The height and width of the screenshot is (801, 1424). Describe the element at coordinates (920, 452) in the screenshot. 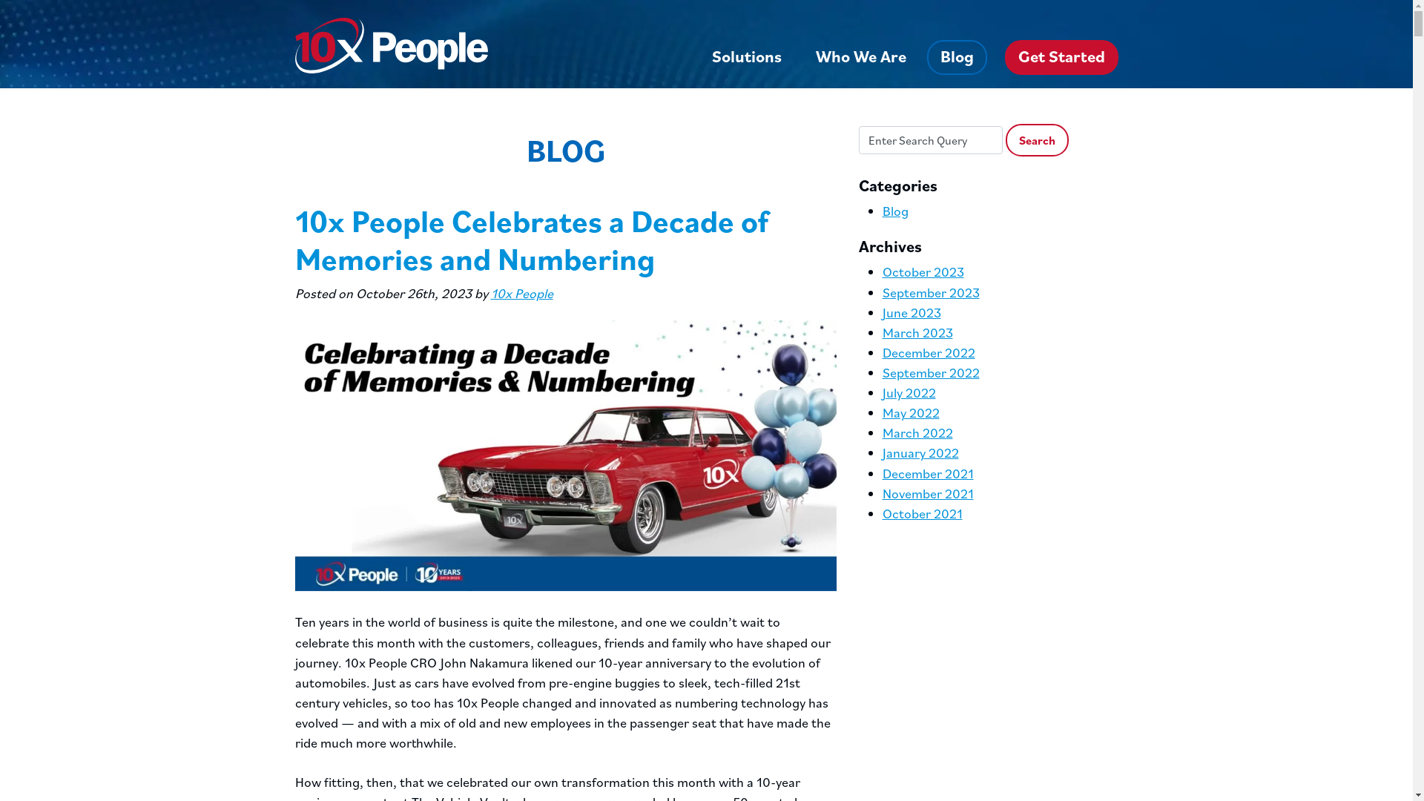

I see `'January 2022'` at that location.